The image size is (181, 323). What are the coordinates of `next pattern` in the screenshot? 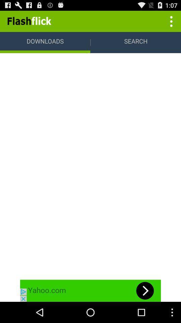 It's located at (90, 290).